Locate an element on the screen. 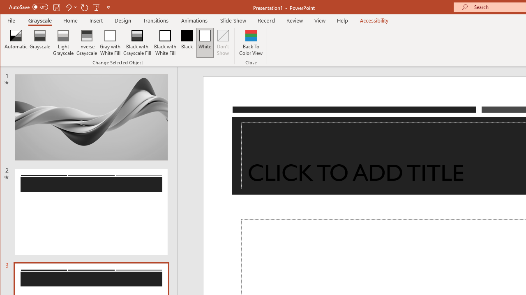 This screenshot has height=295, width=526. 'Black with White Fill' is located at coordinates (165, 43).